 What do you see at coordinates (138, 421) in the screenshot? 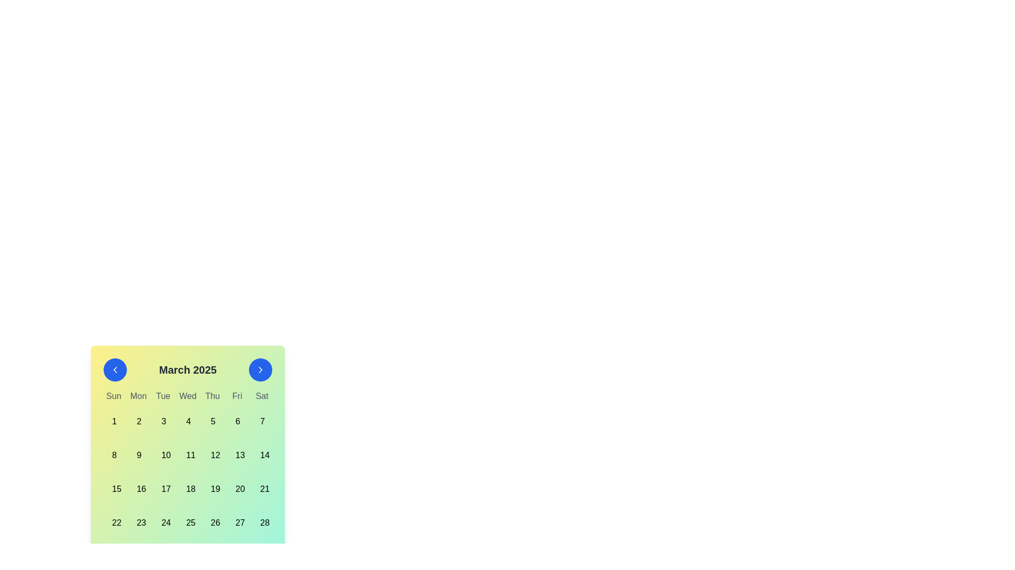
I see `the rounded rectangular date cell displaying the number '2' in bold, located in the first row, second column of the calendar grid` at bounding box center [138, 421].